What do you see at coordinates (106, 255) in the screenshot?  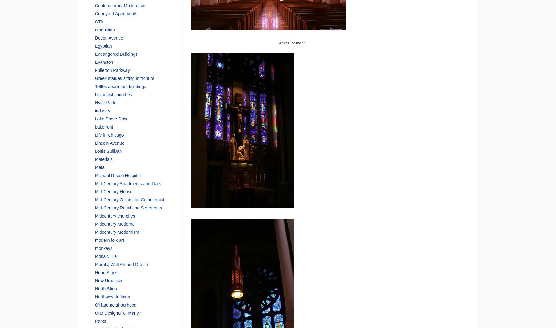 I see `'Mosaic Tile'` at bounding box center [106, 255].